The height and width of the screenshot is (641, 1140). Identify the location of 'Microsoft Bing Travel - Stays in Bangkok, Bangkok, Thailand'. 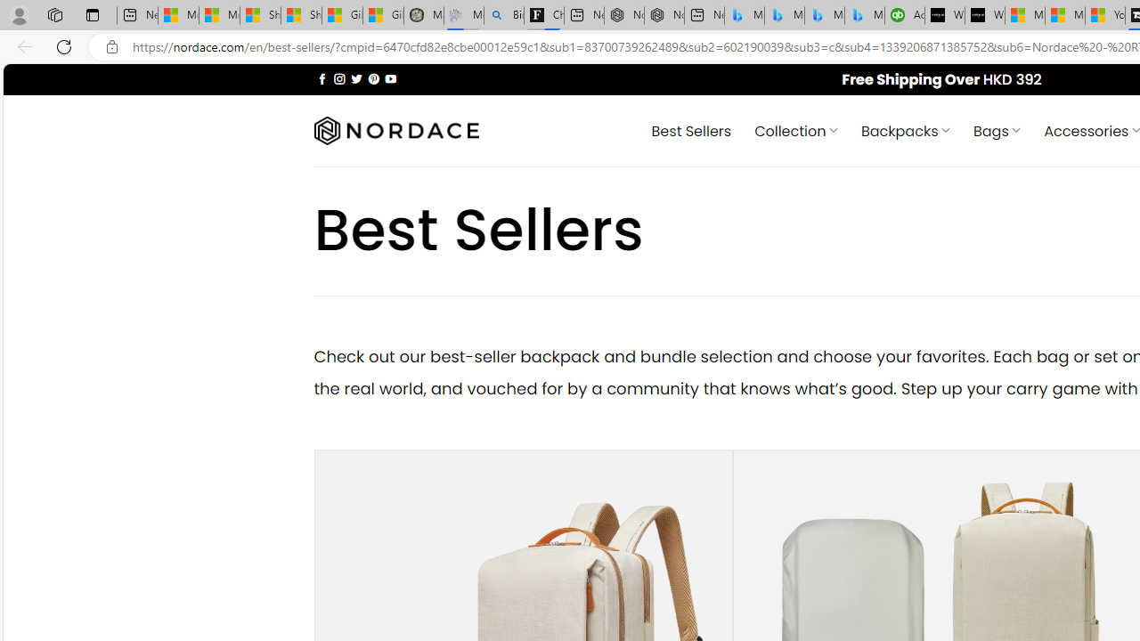
(784, 15).